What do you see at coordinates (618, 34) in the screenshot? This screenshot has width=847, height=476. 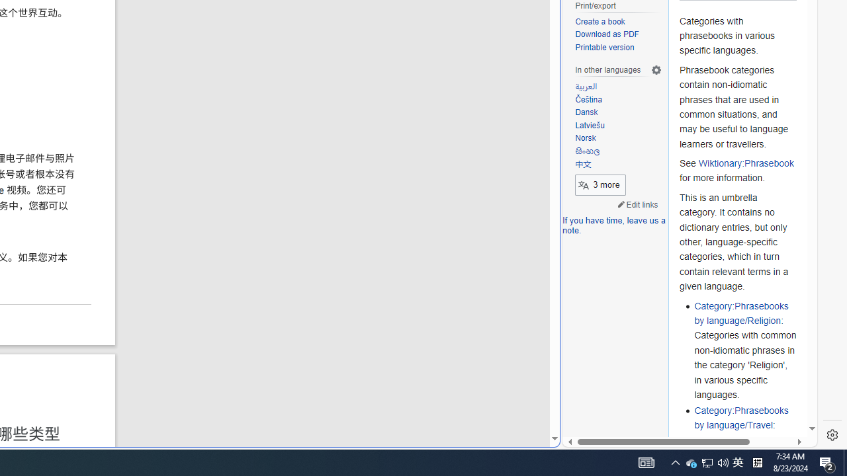 I see `'Download as PDF'` at bounding box center [618, 34].